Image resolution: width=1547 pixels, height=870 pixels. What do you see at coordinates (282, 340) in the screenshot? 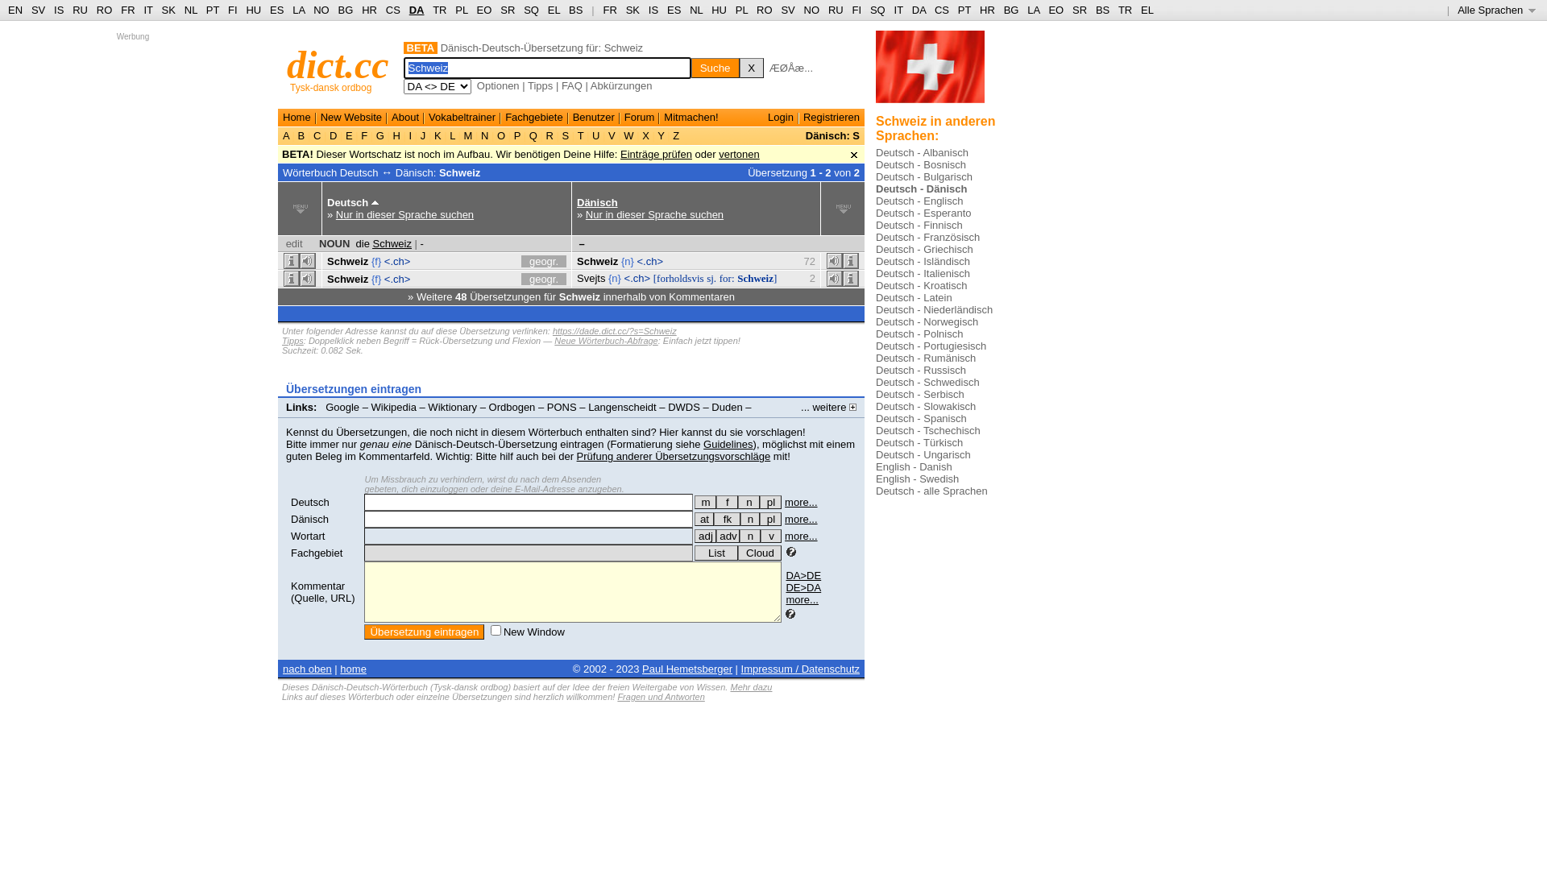
I see `'Tipps'` at bounding box center [282, 340].